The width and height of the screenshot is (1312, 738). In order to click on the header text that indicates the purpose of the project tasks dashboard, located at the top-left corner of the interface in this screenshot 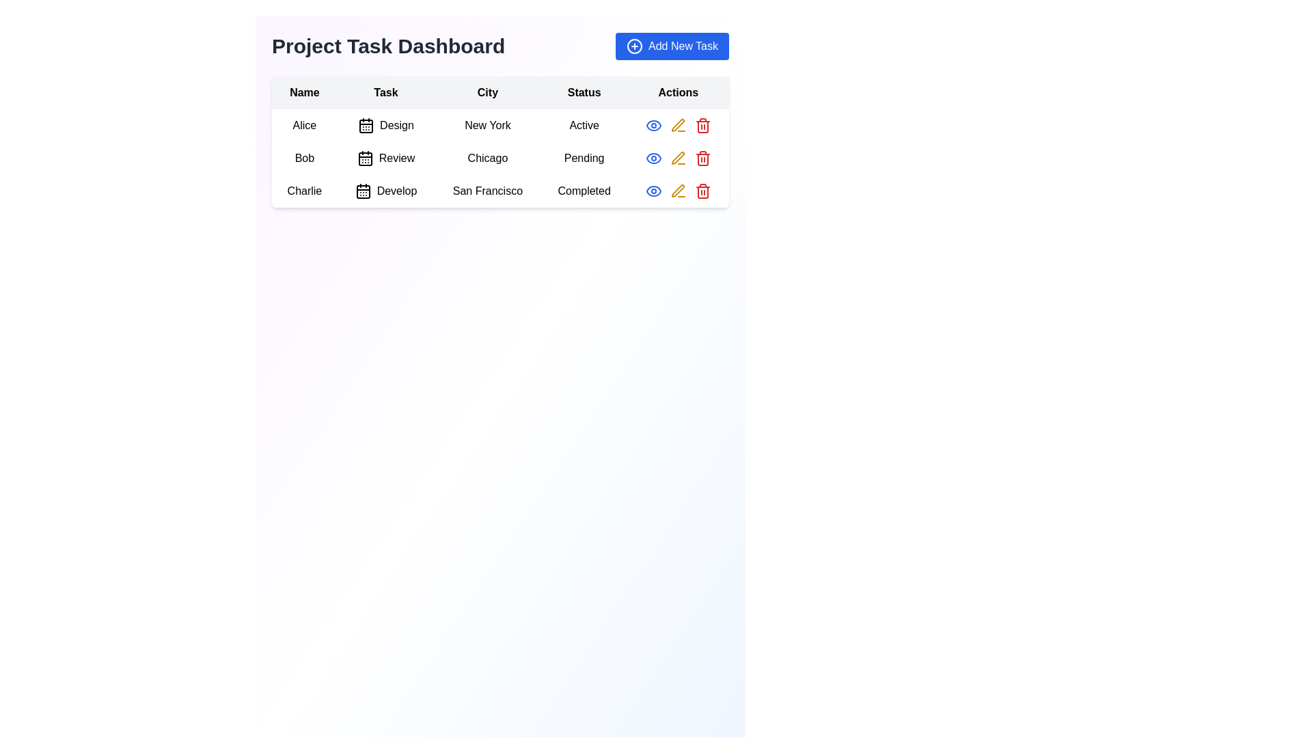, I will do `click(500, 46)`.